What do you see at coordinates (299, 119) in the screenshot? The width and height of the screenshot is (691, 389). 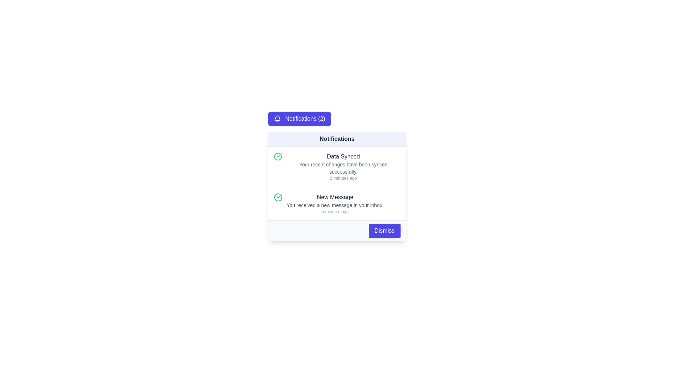 I see `the interactive button labeled 'Notifications (2)' with a bell icon` at bounding box center [299, 119].